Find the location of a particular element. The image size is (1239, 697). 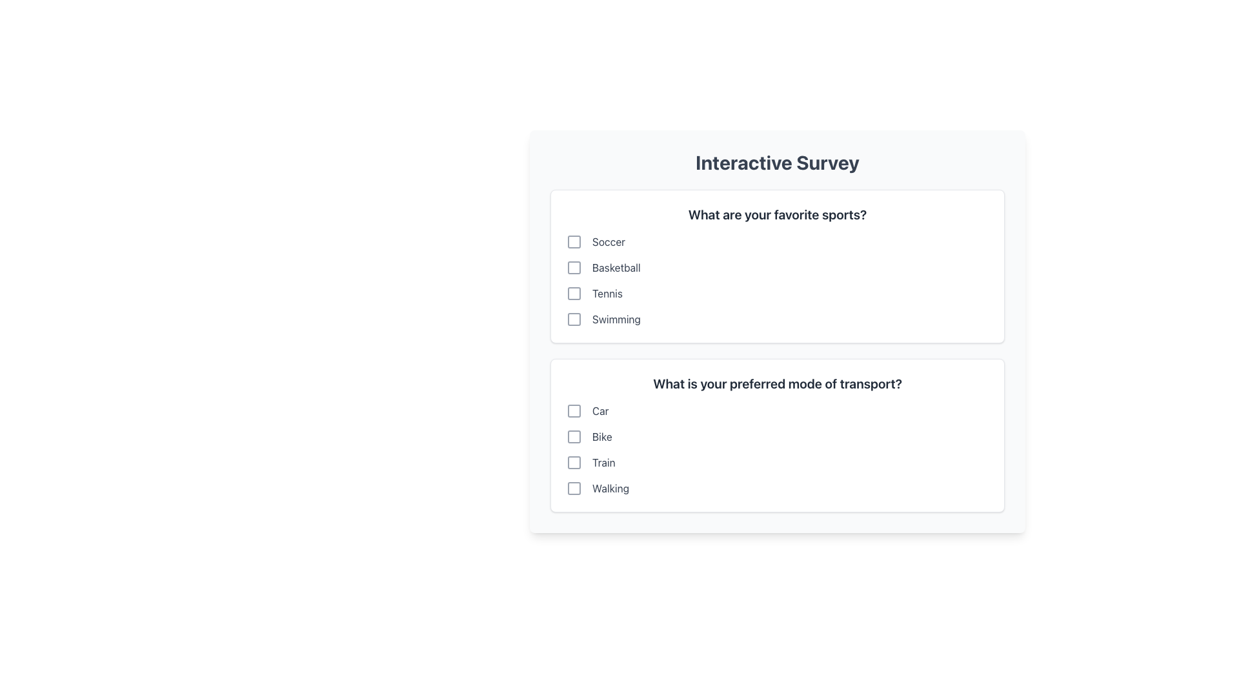

the checkbox that represents the choice 'Car', located to the left of the label 'Car' under the section 'What is your preferred mode of transport?' is located at coordinates (573, 410).